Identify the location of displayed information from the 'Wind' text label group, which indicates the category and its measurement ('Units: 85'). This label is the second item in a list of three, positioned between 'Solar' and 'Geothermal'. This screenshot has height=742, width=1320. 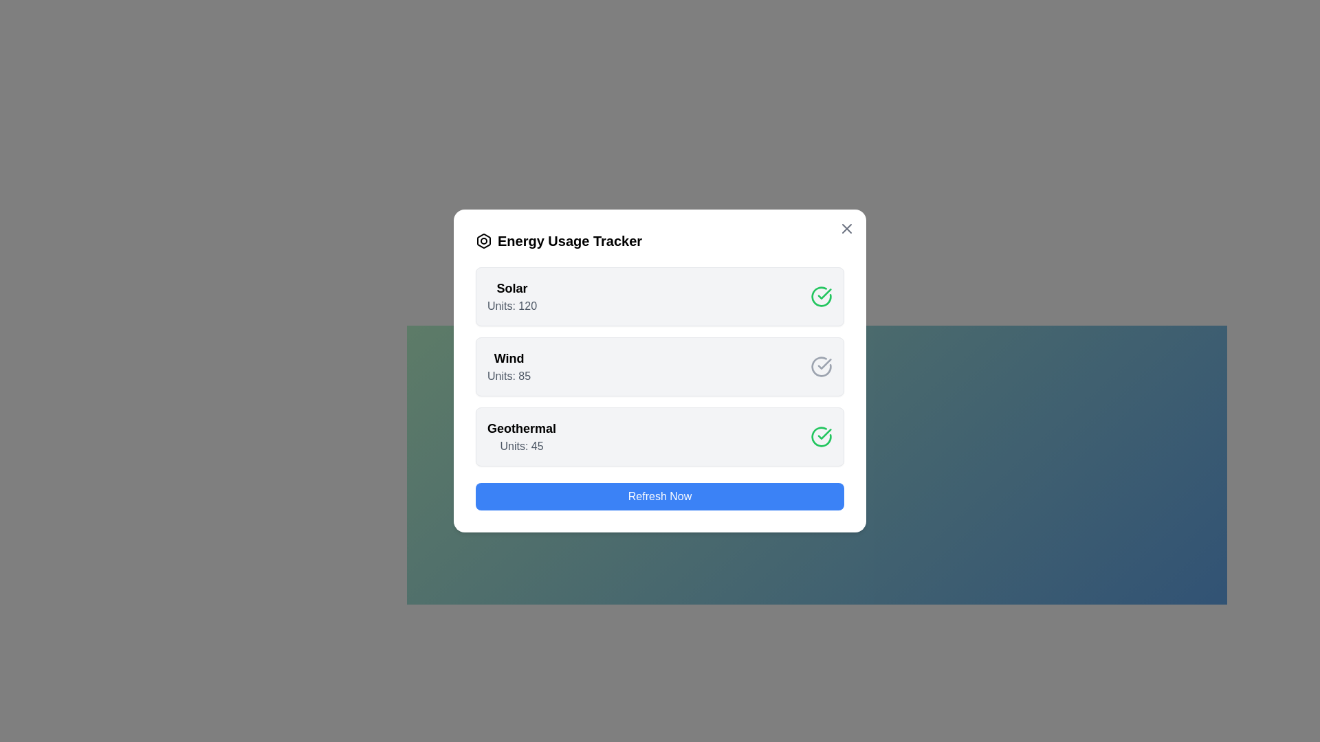
(508, 366).